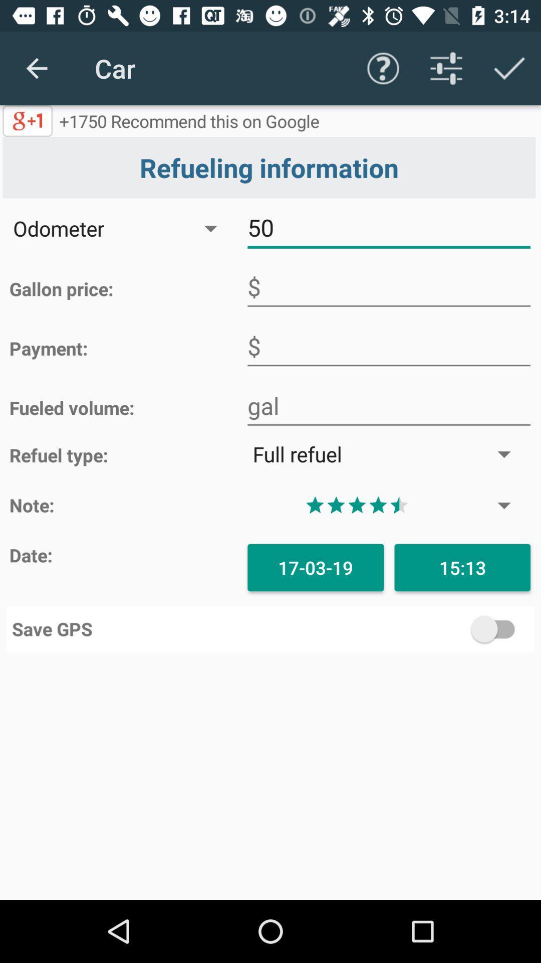 This screenshot has height=963, width=541. Describe the element at coordinates (388, 286) in the screenshot. I see `the item next to gallon price: icon` at that location.